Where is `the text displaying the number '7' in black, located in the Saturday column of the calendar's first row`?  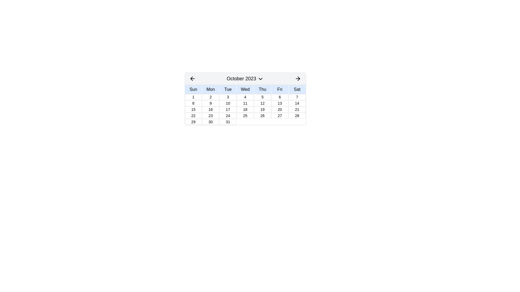
the text displaying the number '7' in black, located in the Saturday column of the calendar's first row is located at coordinates (297, 97).